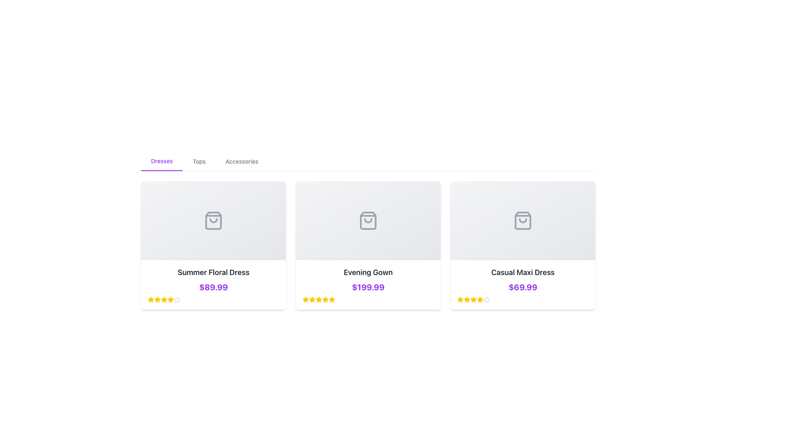 This screenshot has height=444, width=790. I want to click on the first star icon in the second rating block under the product tile for 'Evening Gown', which is the middle product among three displayed horizontally, so click(305, 300).